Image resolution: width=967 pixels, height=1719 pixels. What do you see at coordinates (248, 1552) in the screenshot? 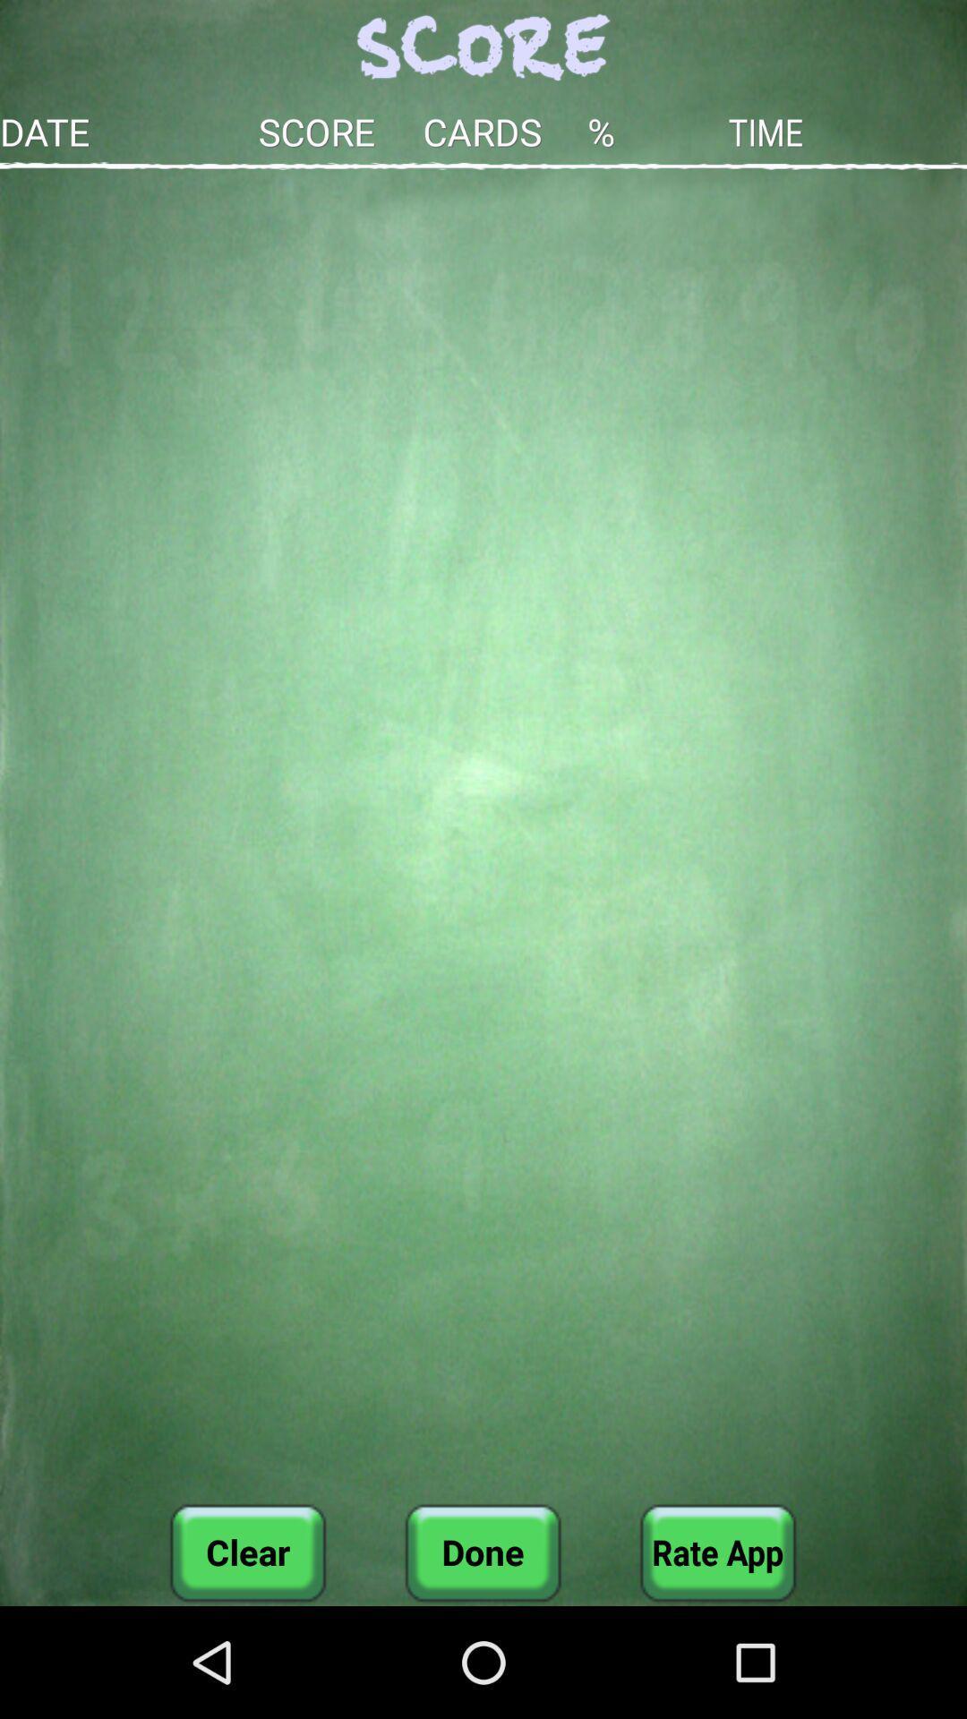
I see `icon next to done` at bounding box center [248, 1552].